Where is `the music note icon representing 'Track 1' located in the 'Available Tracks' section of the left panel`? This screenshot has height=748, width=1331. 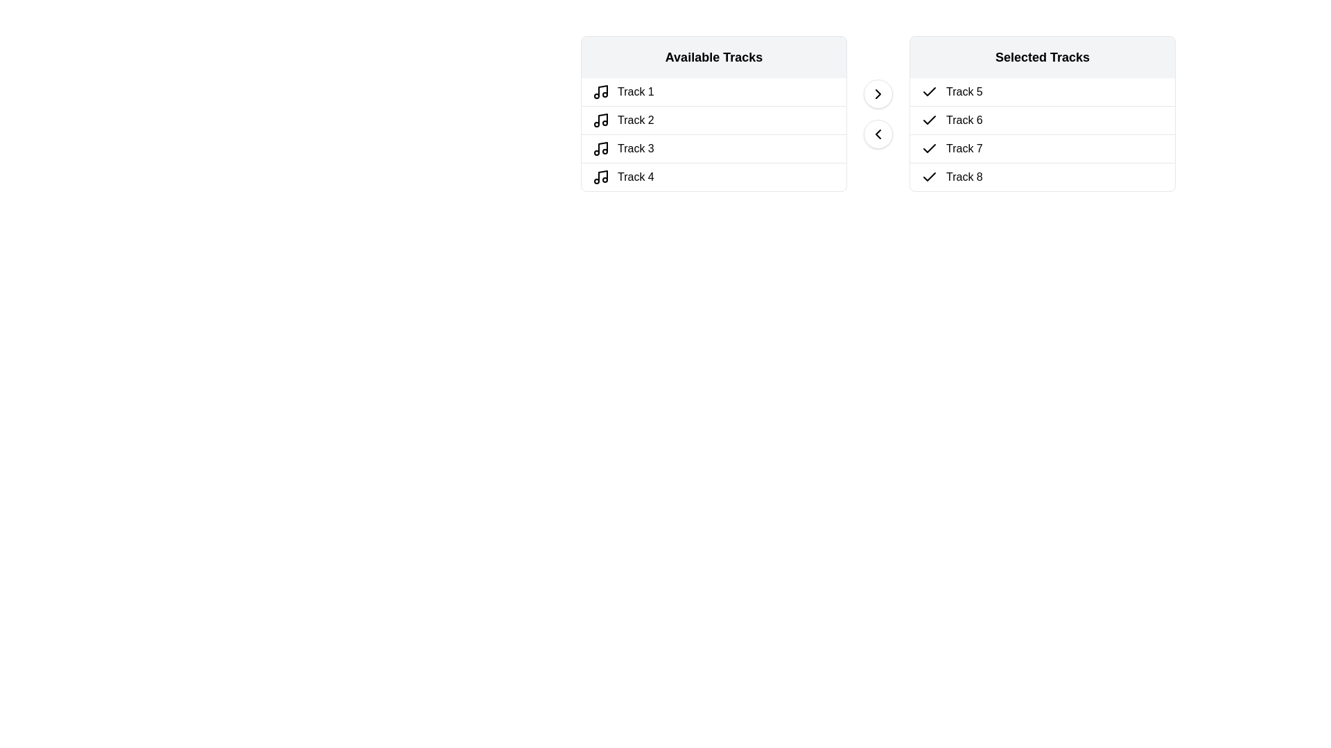
the music note icon representing 'Track 1' located in the 'Available Tracks' section of the left panel is located at coordinates (601, 91).